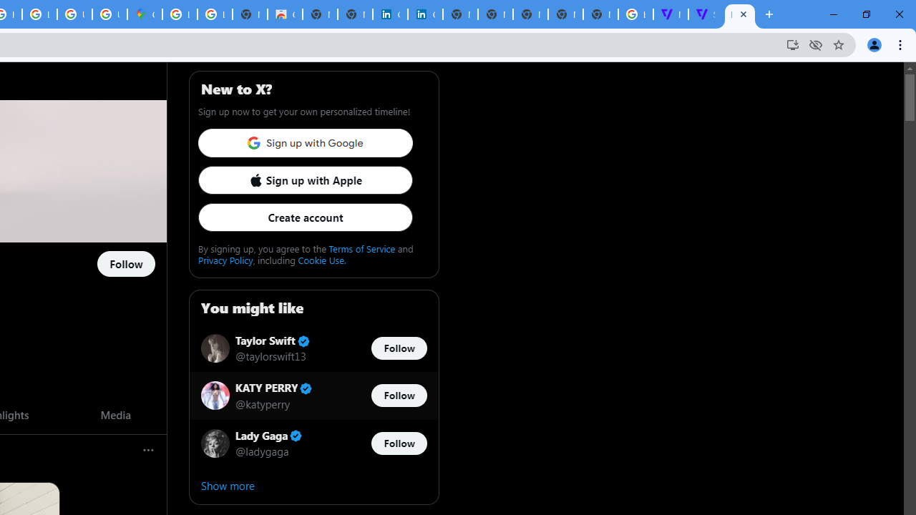 The height and width of the screenshot is (515, 916). Describe the element at coordinates (791, 44) in the screenshot. I see `'Install X'` at that location.